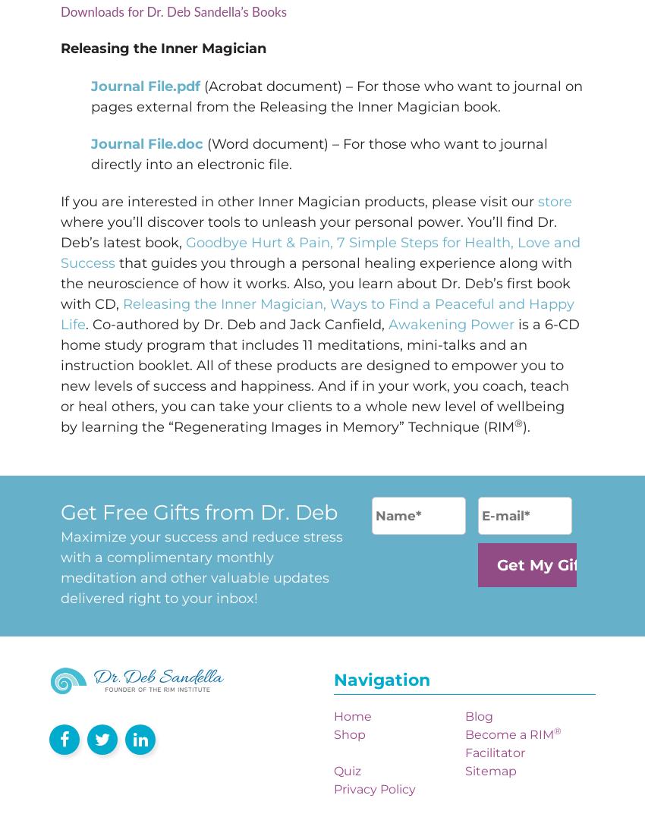 The height and width of the screenshot is (814, 645). I want to click on ').', so click(526, 427).